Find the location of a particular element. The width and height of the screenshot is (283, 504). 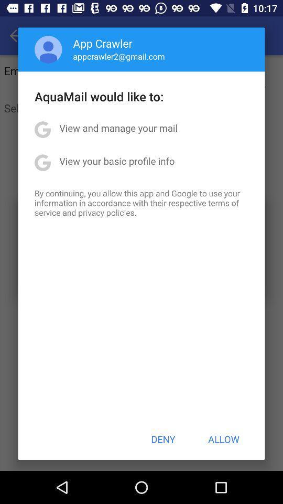

app below app crawler app is located at coordinates (118, 56).